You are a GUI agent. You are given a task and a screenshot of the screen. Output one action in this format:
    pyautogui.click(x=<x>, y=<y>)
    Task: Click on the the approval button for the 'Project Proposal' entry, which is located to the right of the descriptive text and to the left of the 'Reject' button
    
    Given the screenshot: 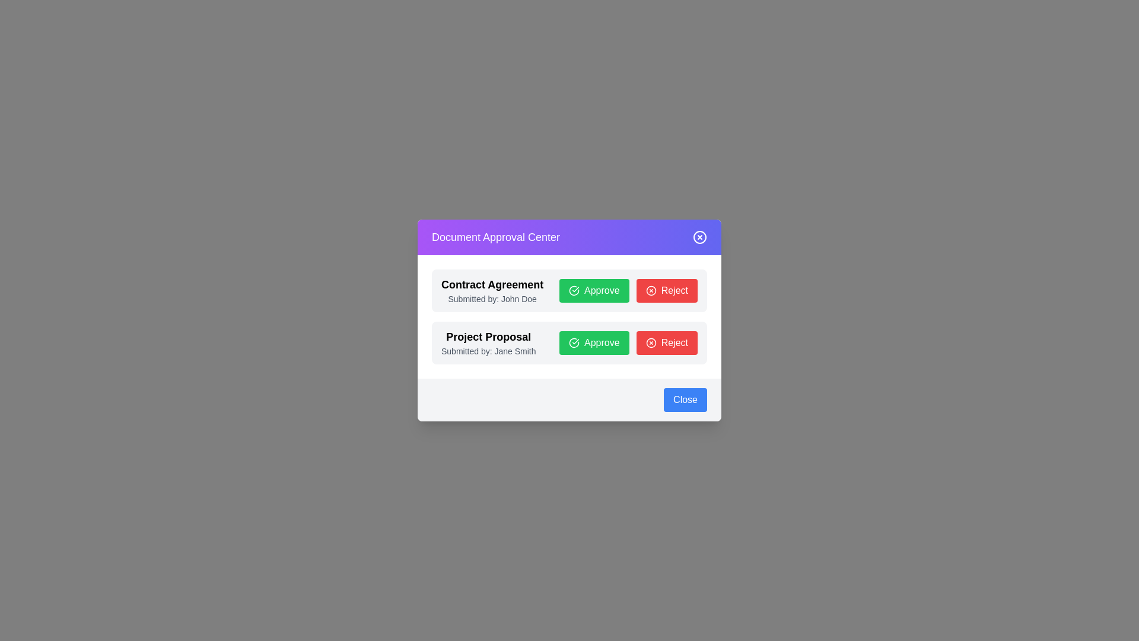 What is the action you would take?
    pyautogui.click(x=594, y=343)
    